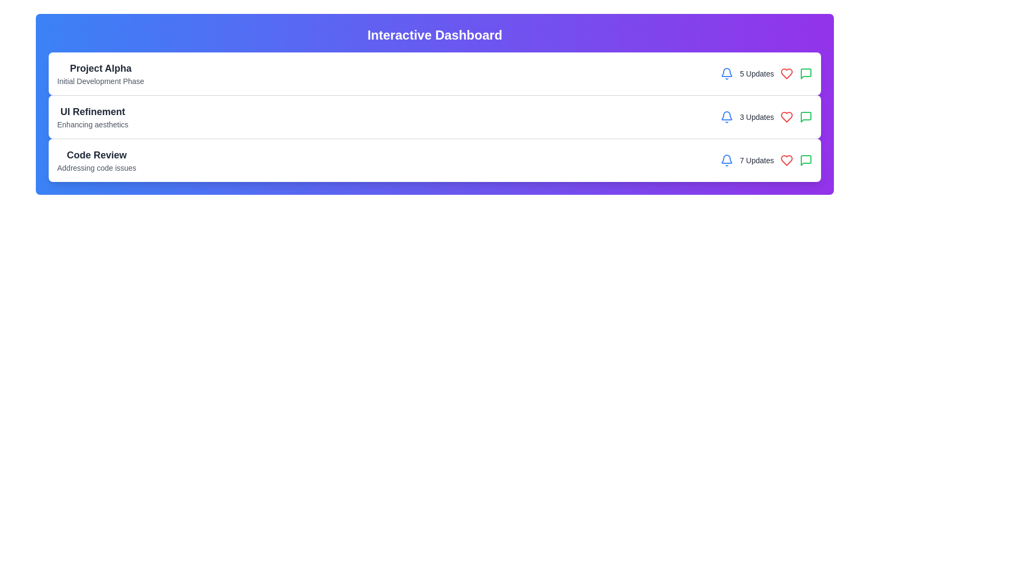  I want to click on the heart-shaped interactive icon in red color located in the middle row of the list view to like or favorite it, so click(786, 117).